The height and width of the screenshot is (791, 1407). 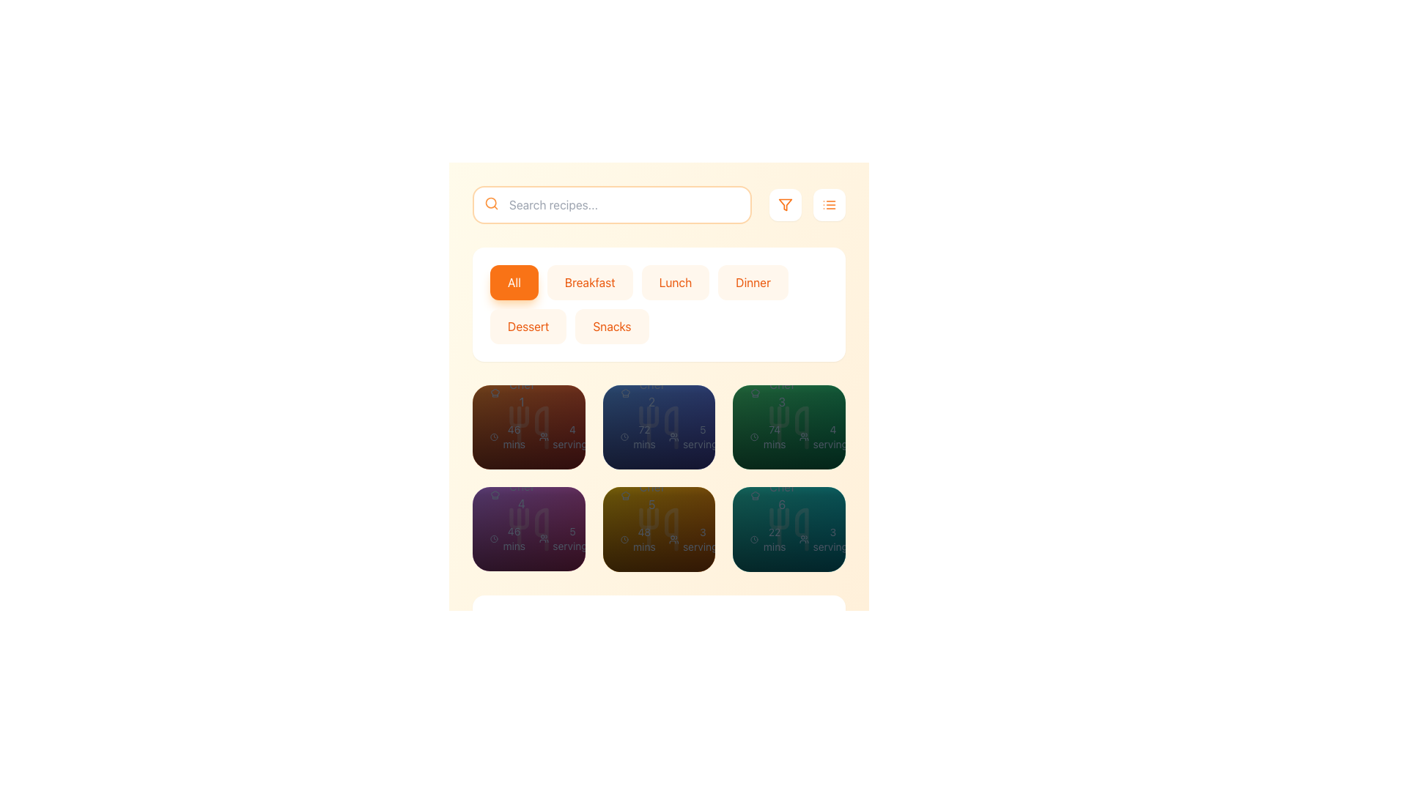 What do you see at coordinates (784, 205) in the screenshot?
I see `the filter button with an SVG icon, which resembles an inverted triangle funnel outlined in orange` at bounding box center [784, 205].